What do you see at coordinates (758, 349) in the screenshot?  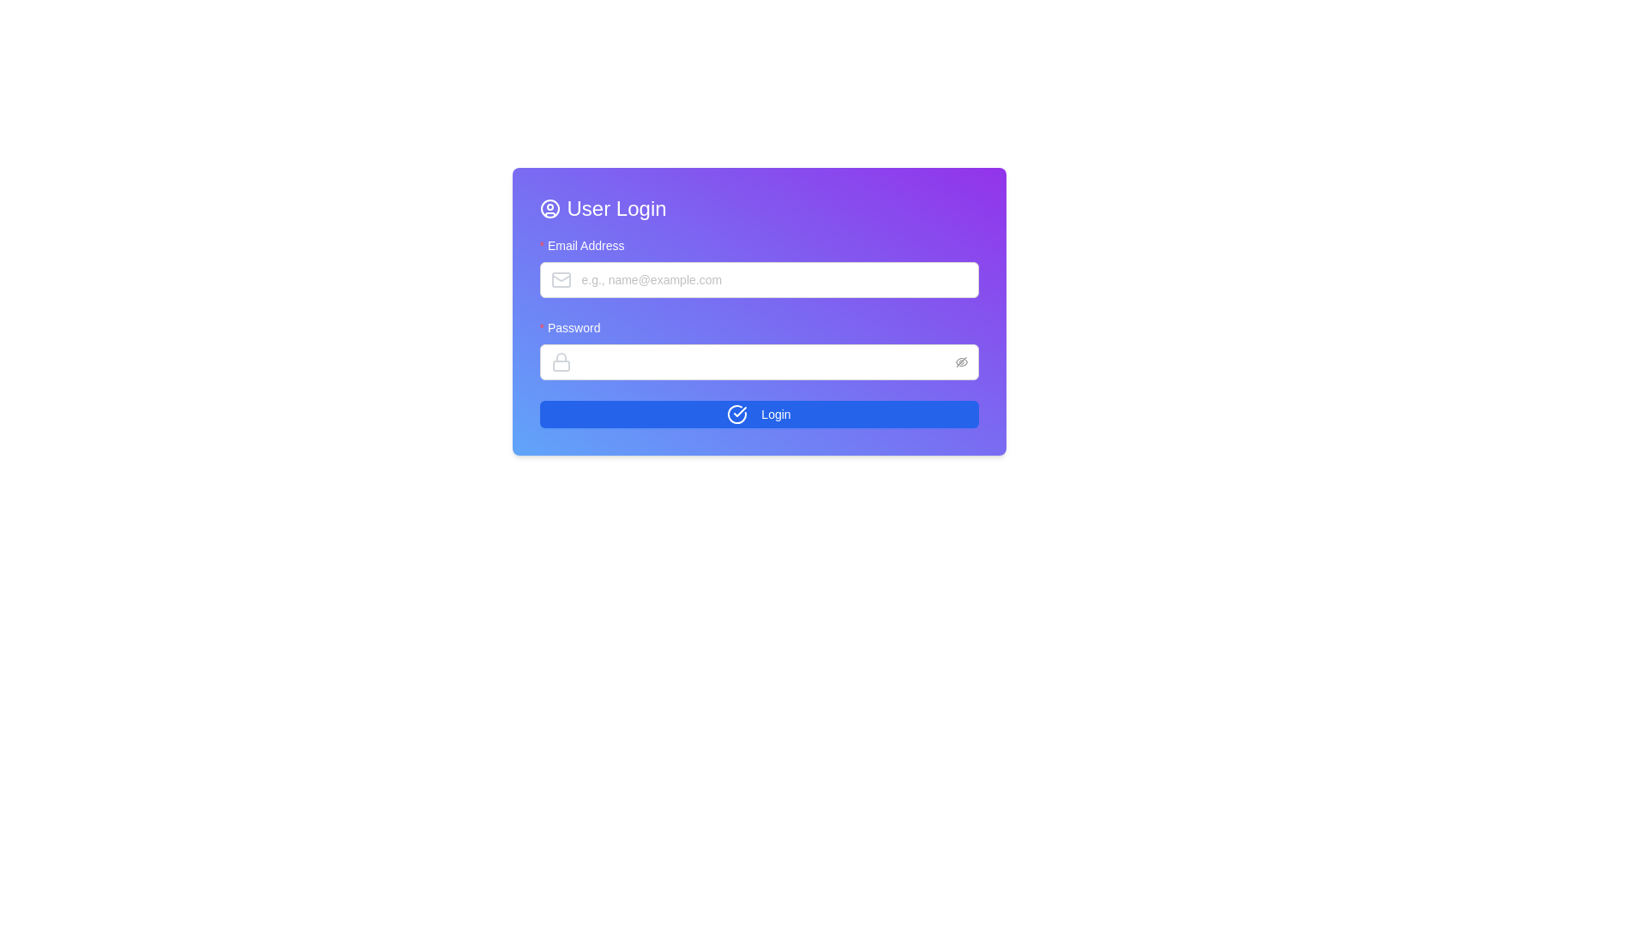 I see `the Password input field` at bounding box center [758, 349].